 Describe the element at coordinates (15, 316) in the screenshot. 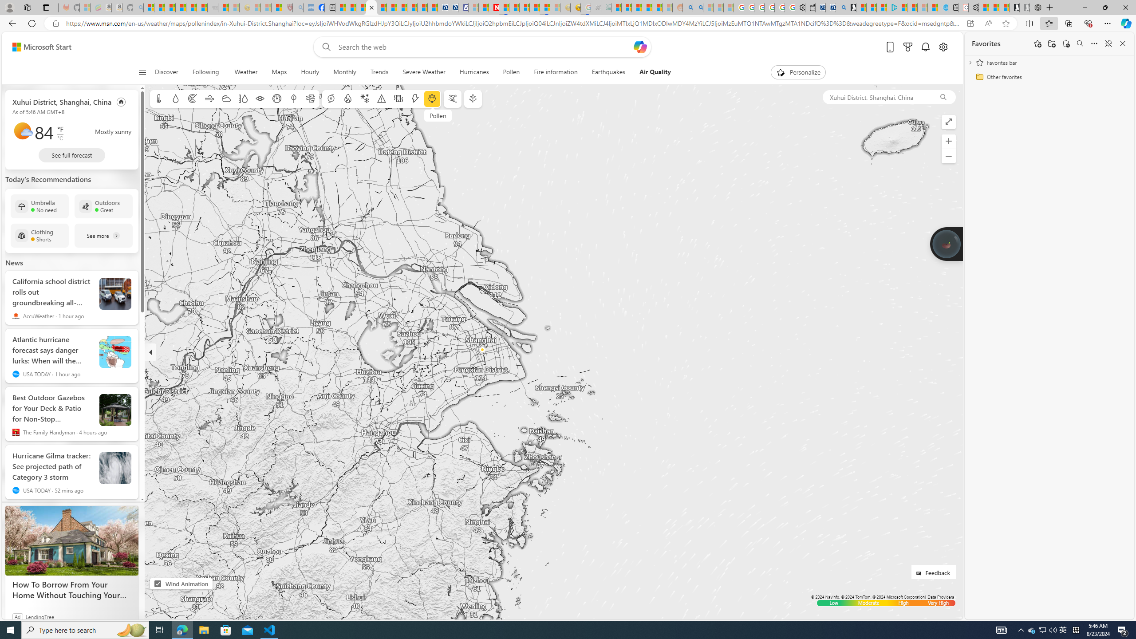

I see `'AccuWeather'` at that location.